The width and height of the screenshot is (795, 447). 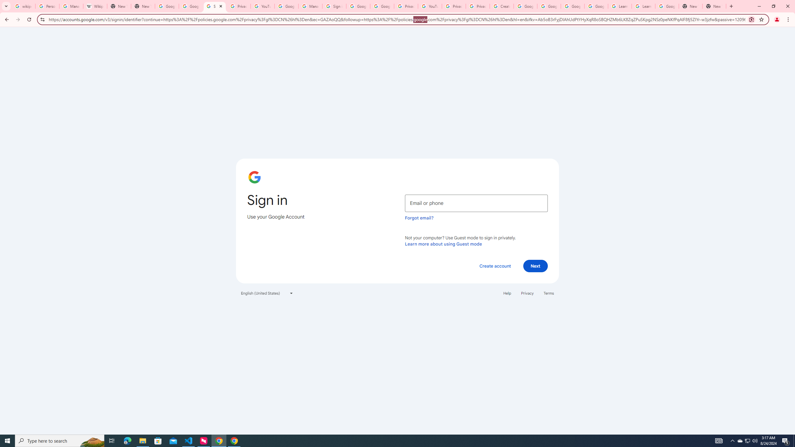 I want to click on 'Wikipedia:Edit requests - Wikipedia', so click(x=95, y=6).